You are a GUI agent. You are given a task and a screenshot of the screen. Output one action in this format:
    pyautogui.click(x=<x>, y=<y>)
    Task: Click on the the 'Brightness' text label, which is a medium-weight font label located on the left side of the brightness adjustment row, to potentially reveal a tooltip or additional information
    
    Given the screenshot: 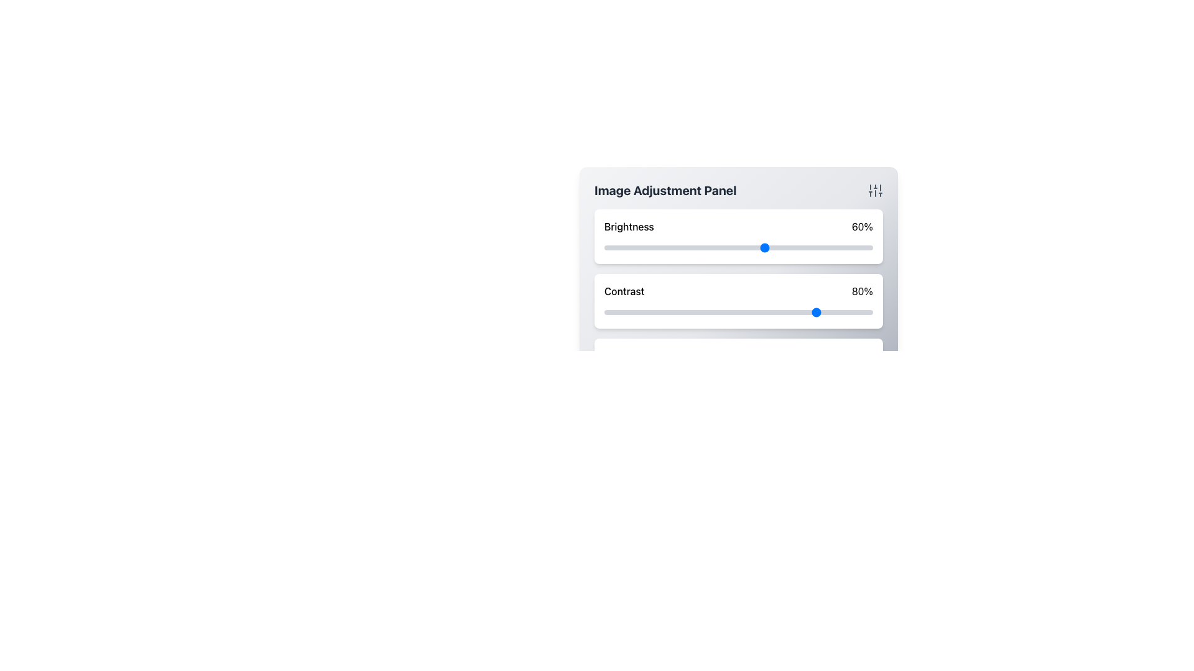 What is the action you would take?
    pyautogui.click(x=629, y=227)
    